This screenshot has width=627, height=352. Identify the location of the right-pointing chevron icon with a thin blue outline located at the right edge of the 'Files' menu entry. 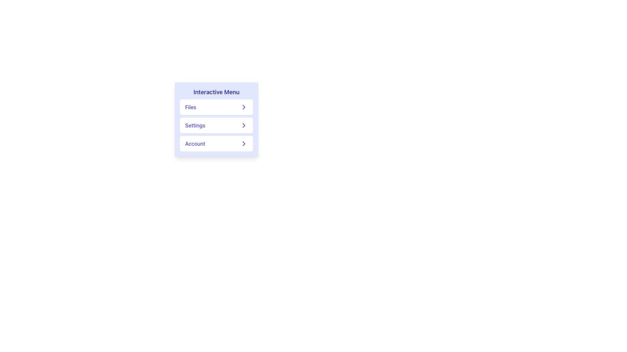
(244, 107).